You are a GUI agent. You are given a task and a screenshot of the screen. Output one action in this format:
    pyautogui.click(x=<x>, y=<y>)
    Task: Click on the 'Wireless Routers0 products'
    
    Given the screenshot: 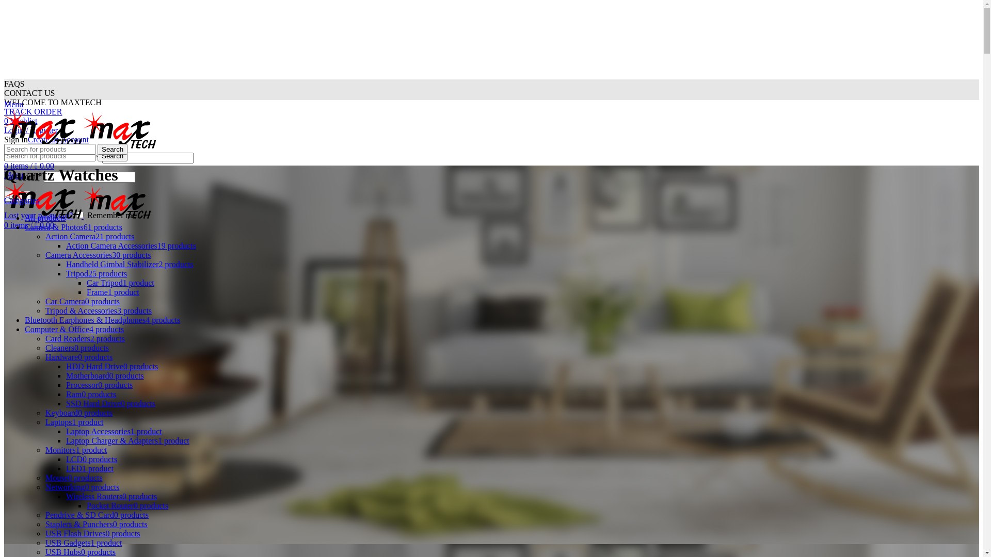 What is the action you would take?
    pyautogui.click(x=111, y=496)
    